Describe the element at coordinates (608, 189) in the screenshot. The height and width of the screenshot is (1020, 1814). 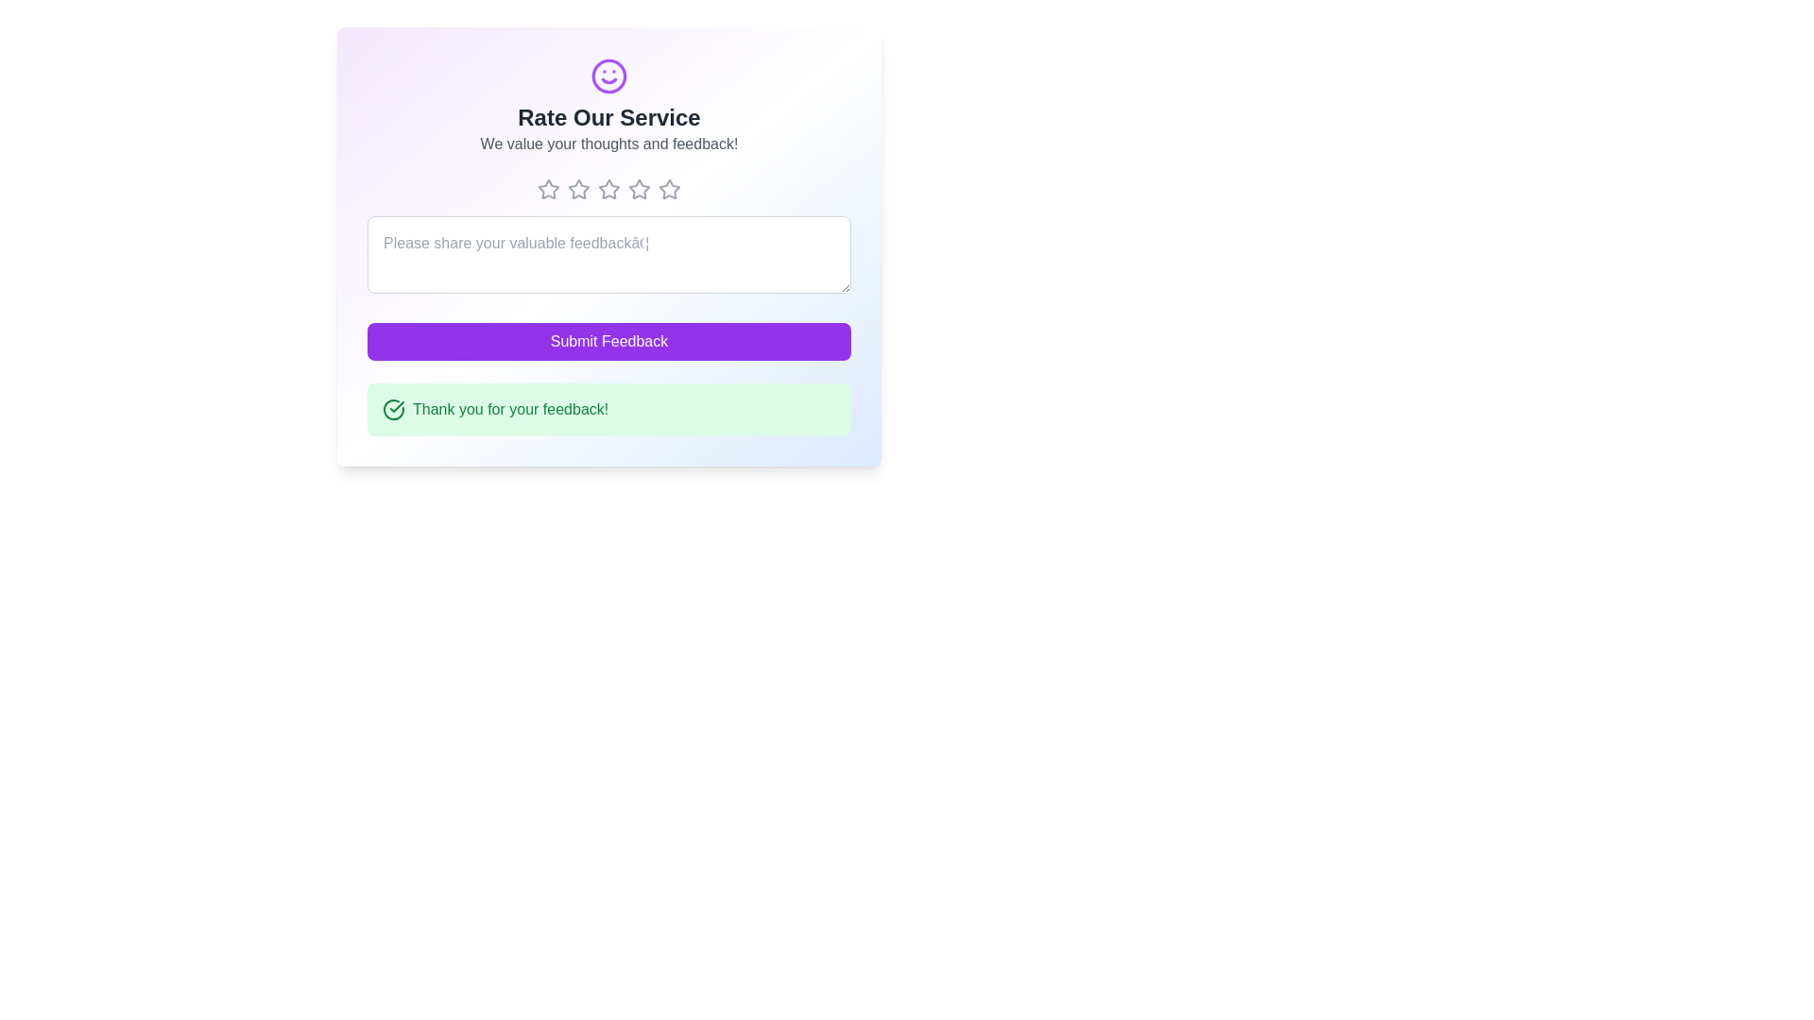
I see `the third star icon in the row of five star icons under the 'Rate Our Service' header` at that location.